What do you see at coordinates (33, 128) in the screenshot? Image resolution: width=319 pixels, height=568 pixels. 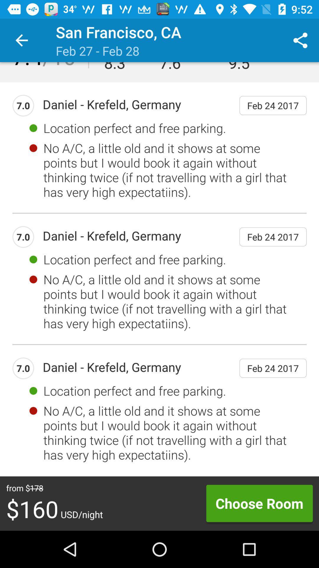 I see `the option green dot` at bounding box center [33, 128].